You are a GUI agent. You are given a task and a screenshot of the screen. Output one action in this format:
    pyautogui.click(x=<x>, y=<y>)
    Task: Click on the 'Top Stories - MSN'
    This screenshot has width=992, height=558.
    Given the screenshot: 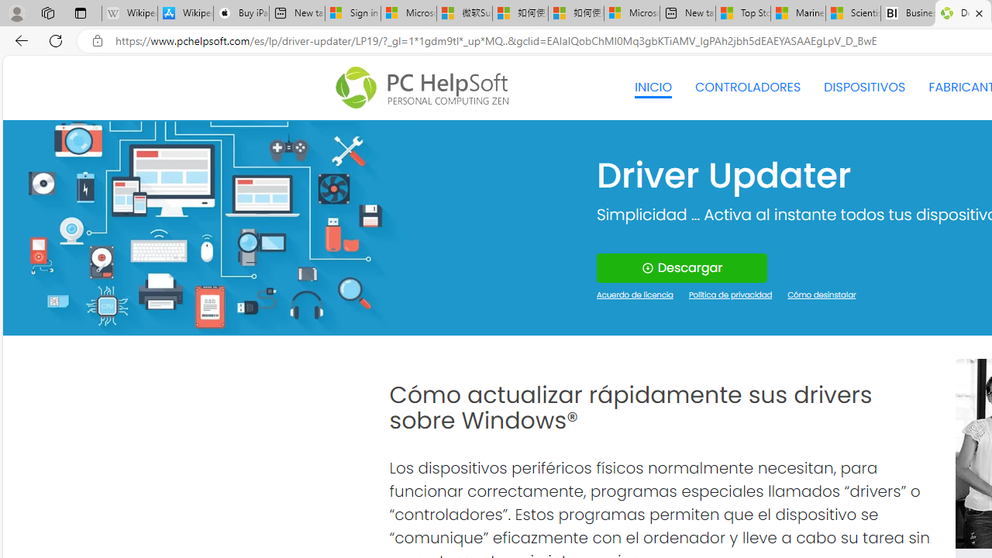 What is the action you would take?
    pyautogui.click(x=742, y=13)
    